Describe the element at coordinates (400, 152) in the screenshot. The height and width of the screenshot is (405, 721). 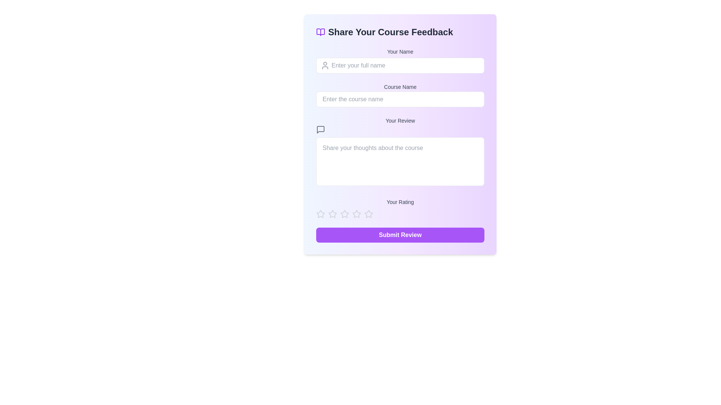
I see `the text input box labeled 'Your Review' to focus on it for user input` at that location.